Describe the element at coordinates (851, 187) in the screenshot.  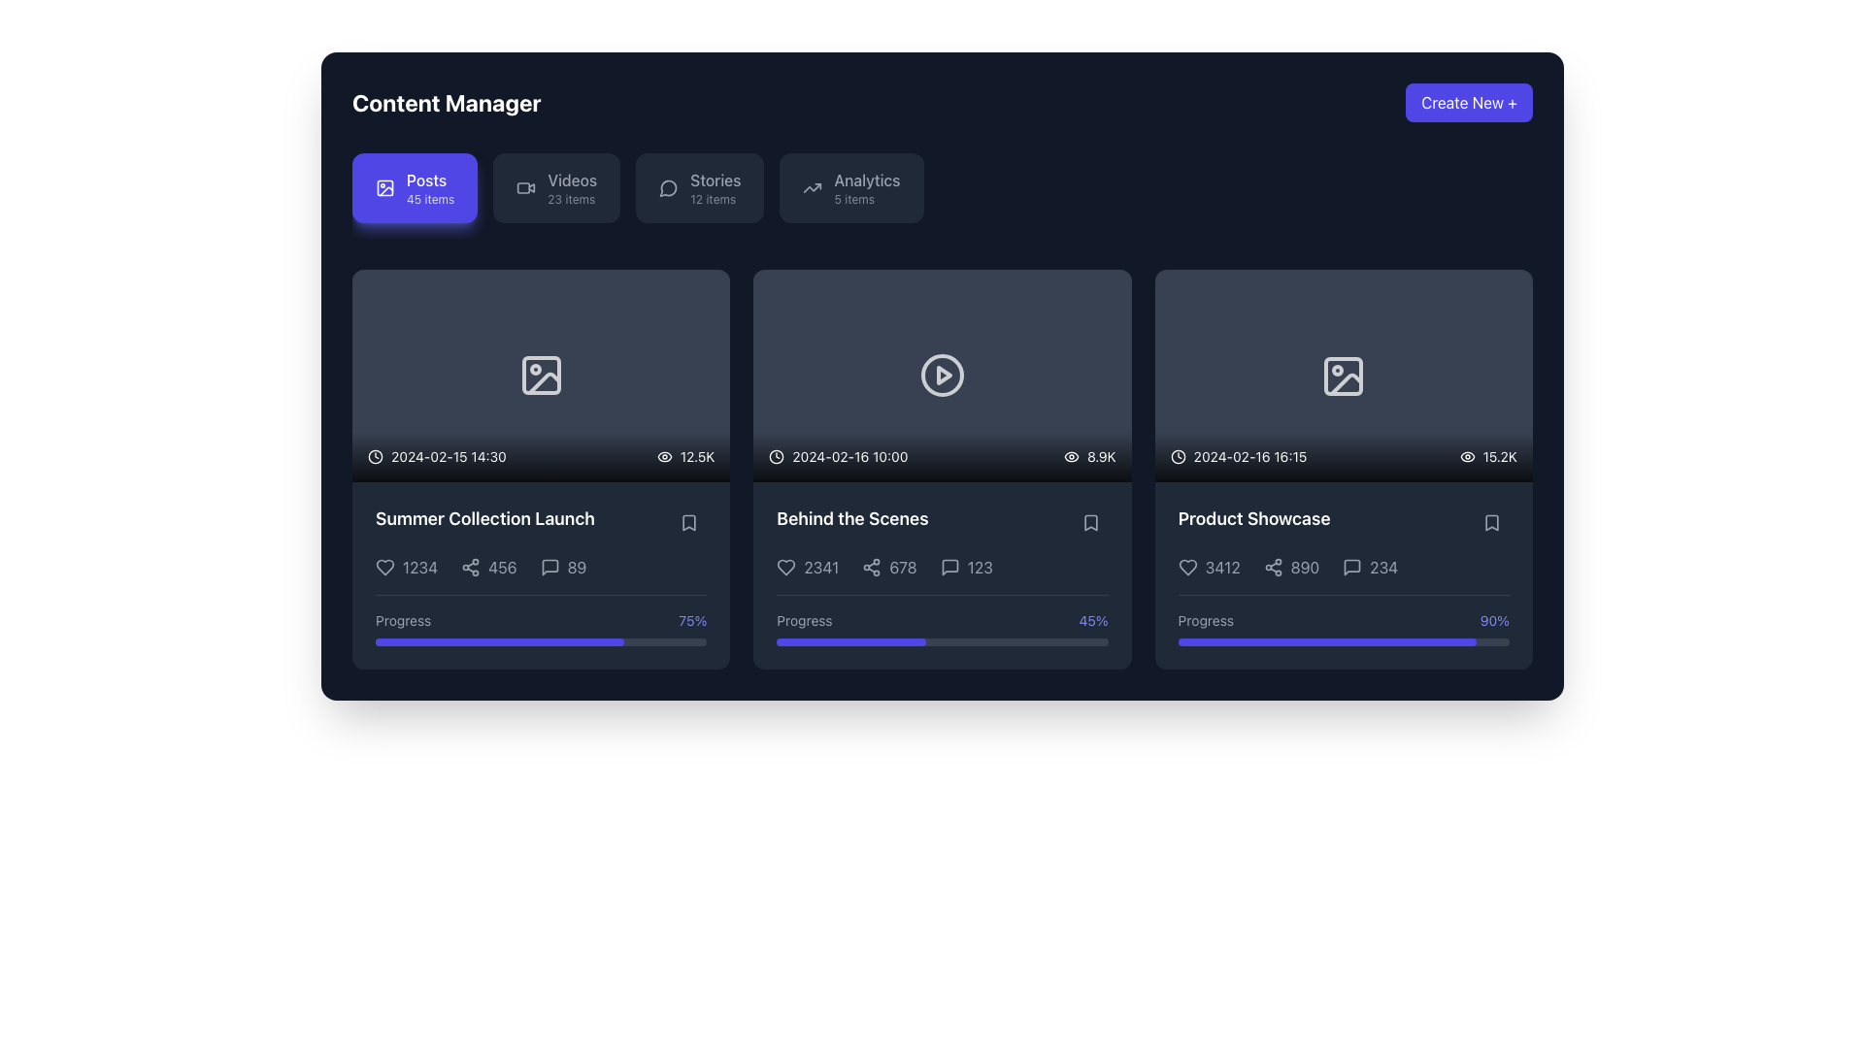
I see `the 'Analytics' button` at that location.